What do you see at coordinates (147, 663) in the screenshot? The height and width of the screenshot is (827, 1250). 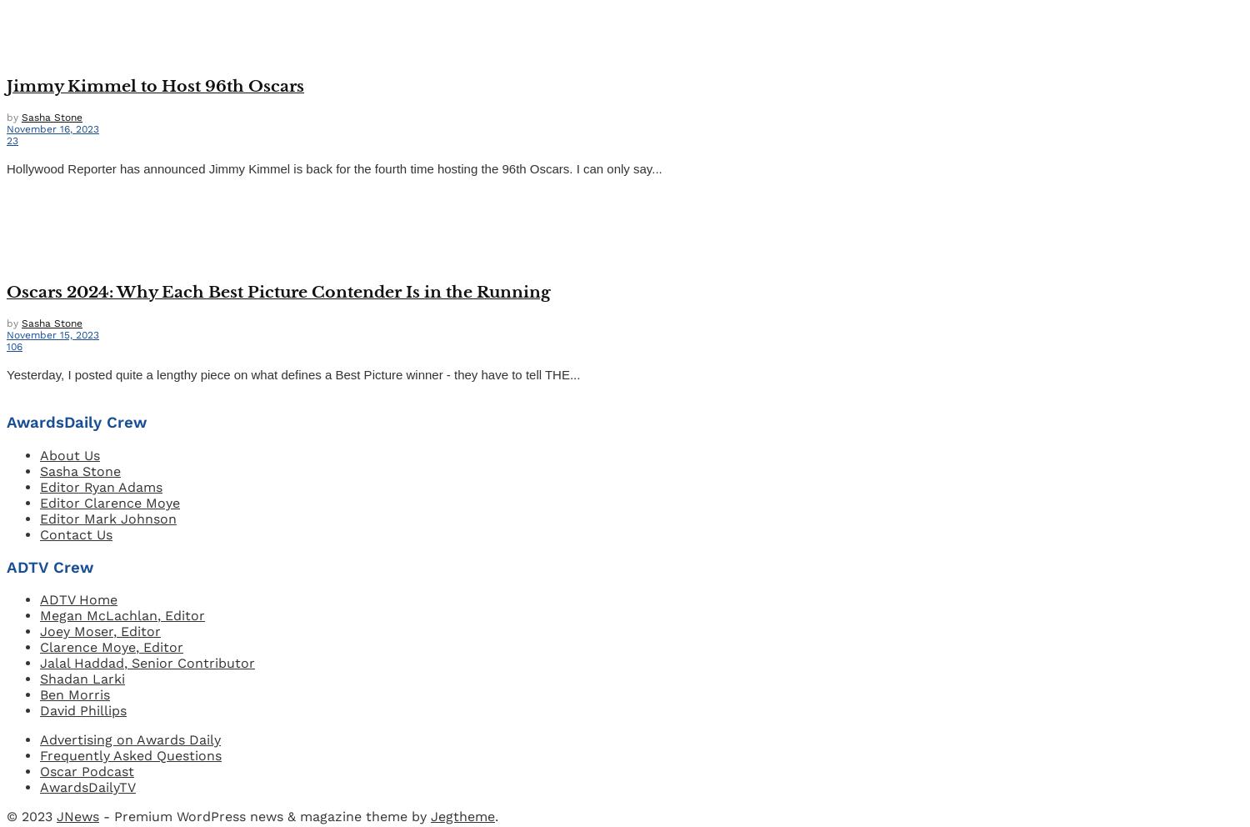 I see `'Jalal Haddad, Senior Contributor'` at bounding box center [147, 663].